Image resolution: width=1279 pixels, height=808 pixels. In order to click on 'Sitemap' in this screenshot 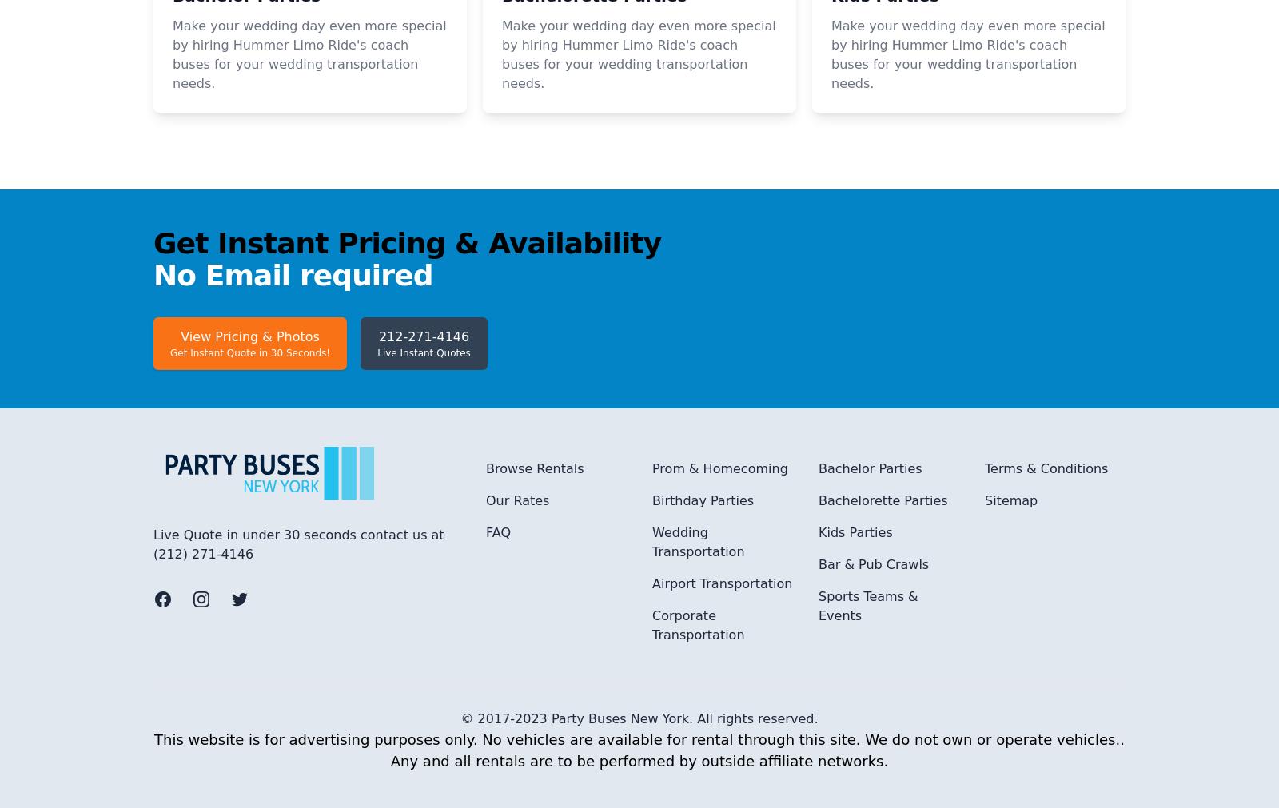, I will do `click(1010, 713)`.